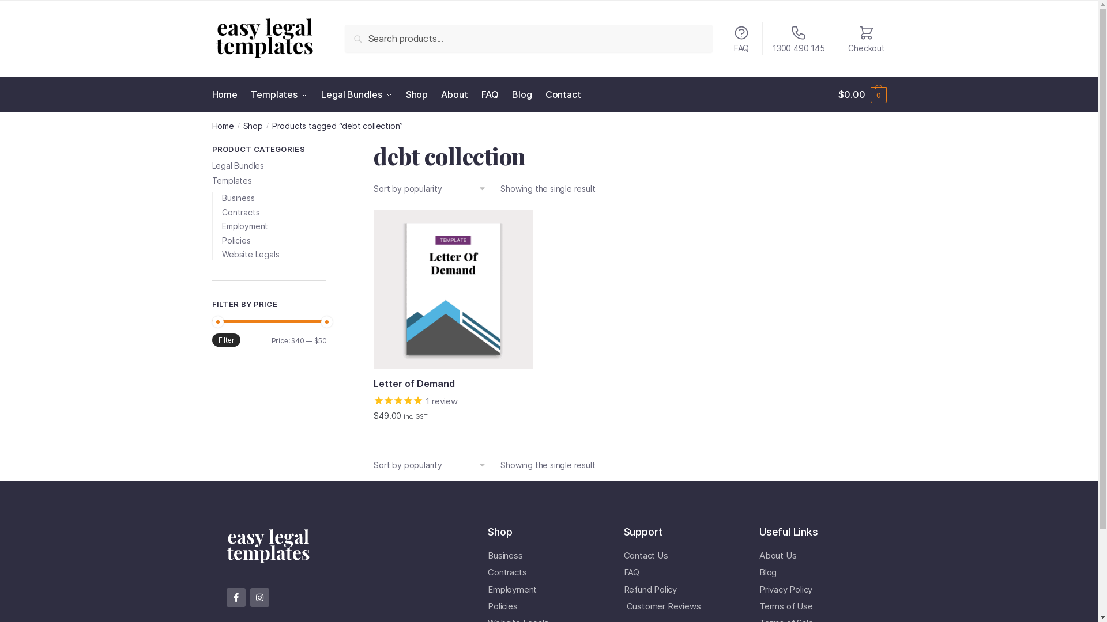 The width and height of the screenshot is (1107, 622). What do you see at coordinates (759, 555) in the screenshot?
I see `'About Us'` at bounding box center [759, 555].